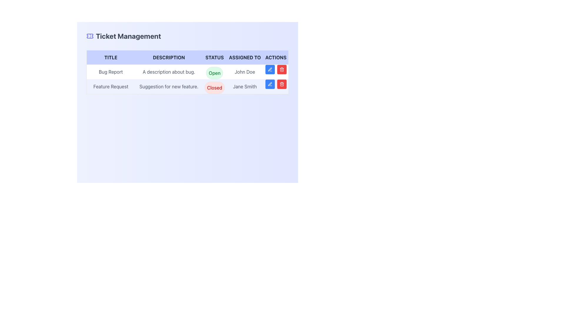 The image size is (565, 317). What do you see at coordinates (245, 57) in the screenshot?
I see `the 'Assigned To' text label, which is the fourth text label in a horizontal sequence within a blue-colored header layout, positioned between 'Status' and 'Actions'` at bounding box center [245, 57].